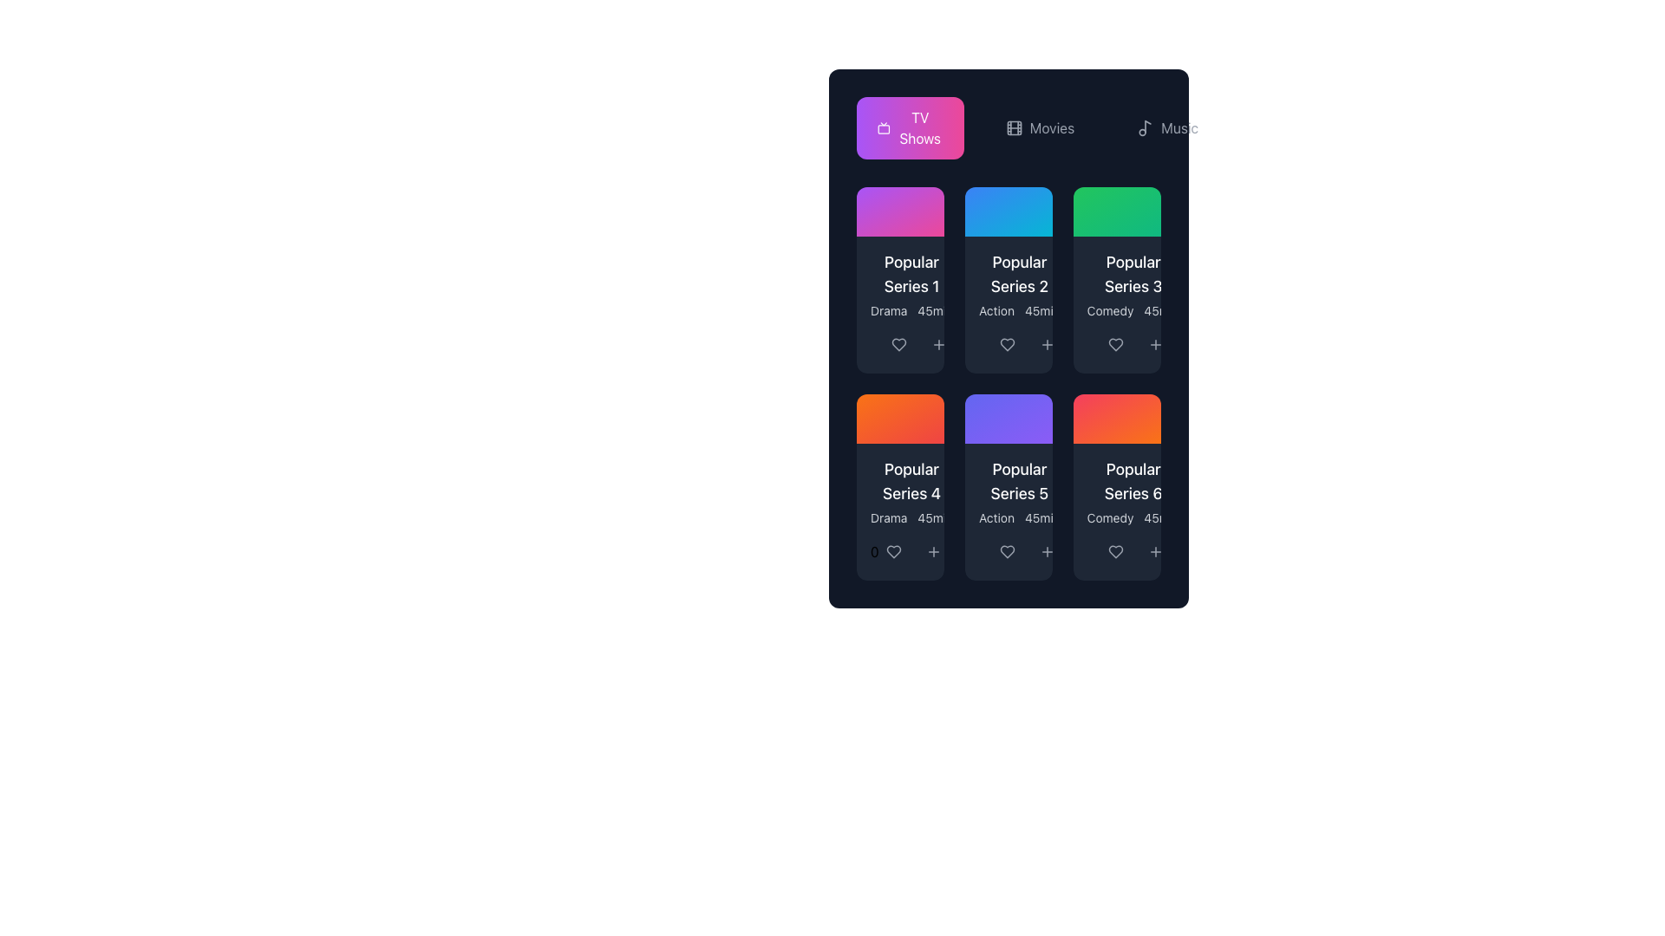 The width and height of the screenshot is (1665, 936). What do you see at coordinates (1009, 211) in the screenshot?
I see `the playback button located centrally at the top of the 'Popular Series 2' card to initiate playback` at bounding box center [1009, 211].